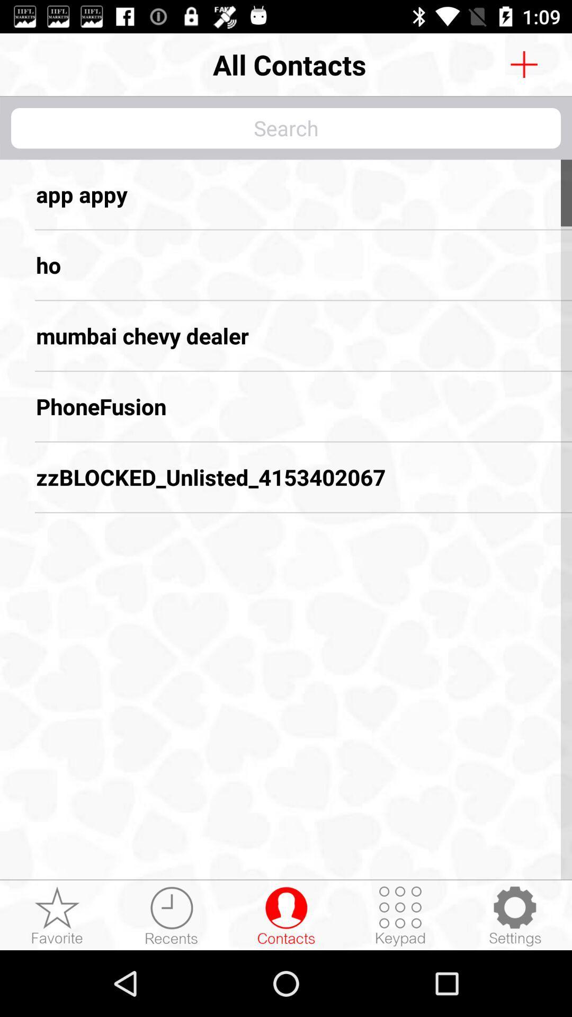 This screenshot has width=572, height=1017. I want to click on contacts list, so click(286, 915).